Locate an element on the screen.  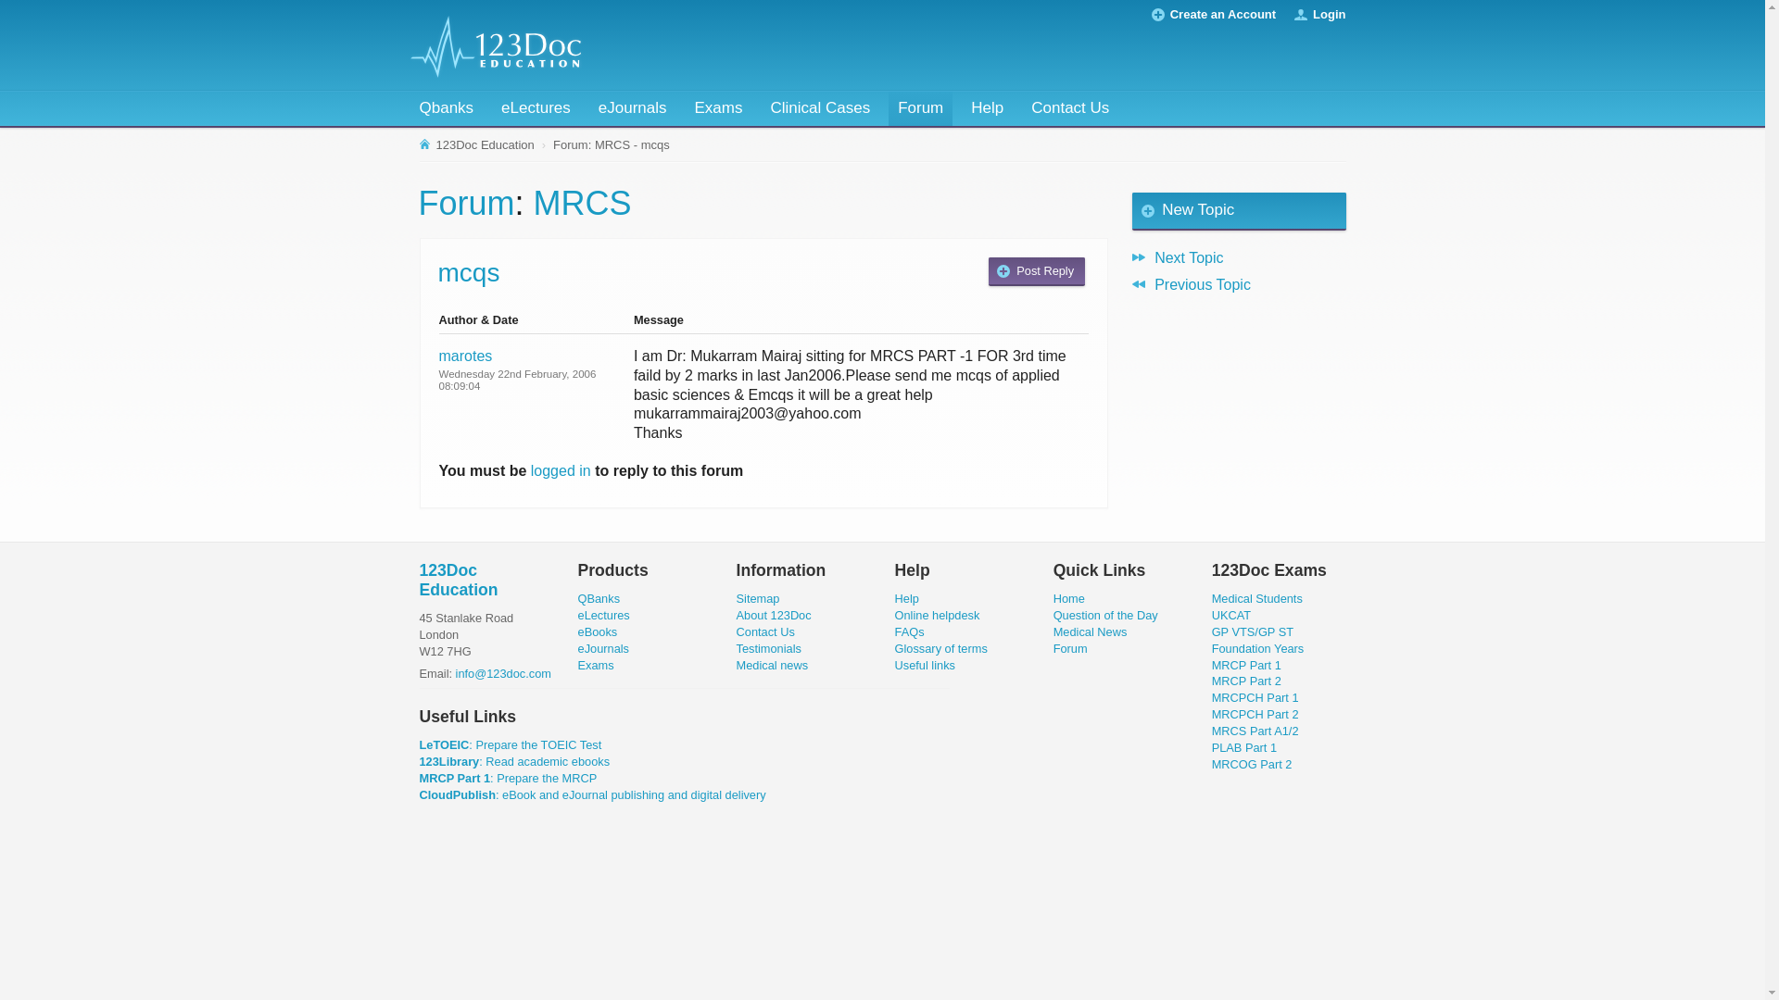
'Testimonials' is located at coordinates (769, 647).